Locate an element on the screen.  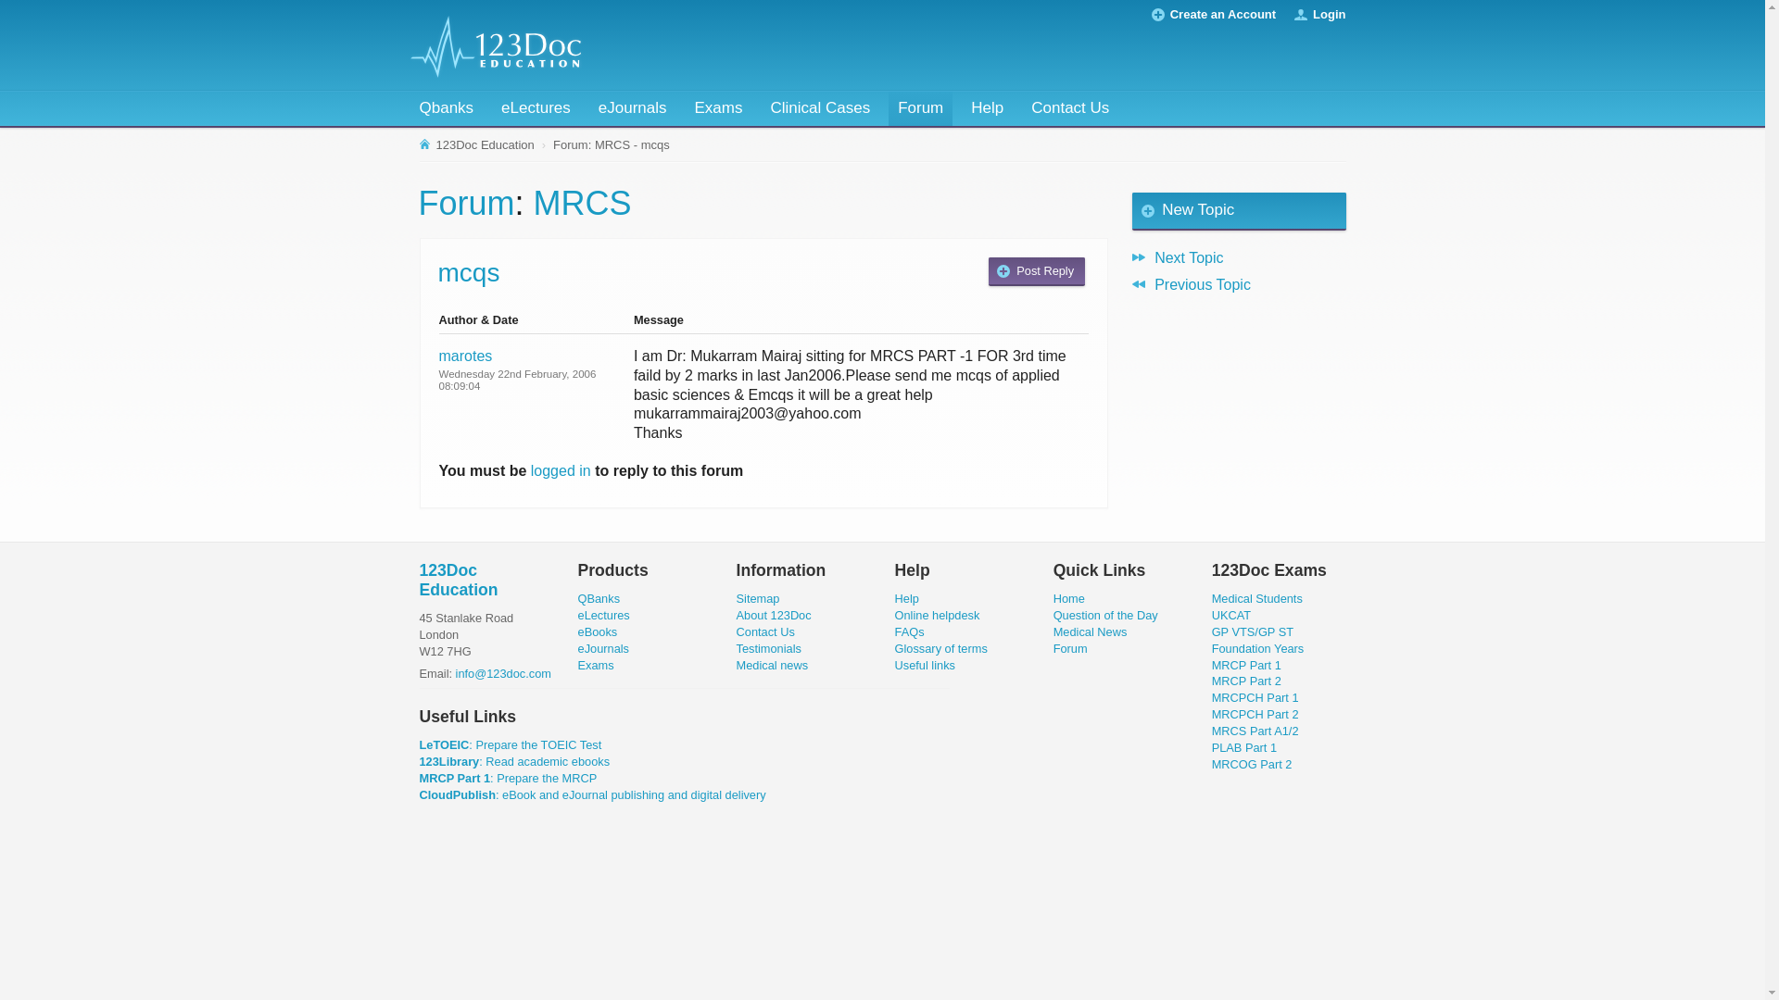
'Testimonials' is located at coordinates (769, 647).